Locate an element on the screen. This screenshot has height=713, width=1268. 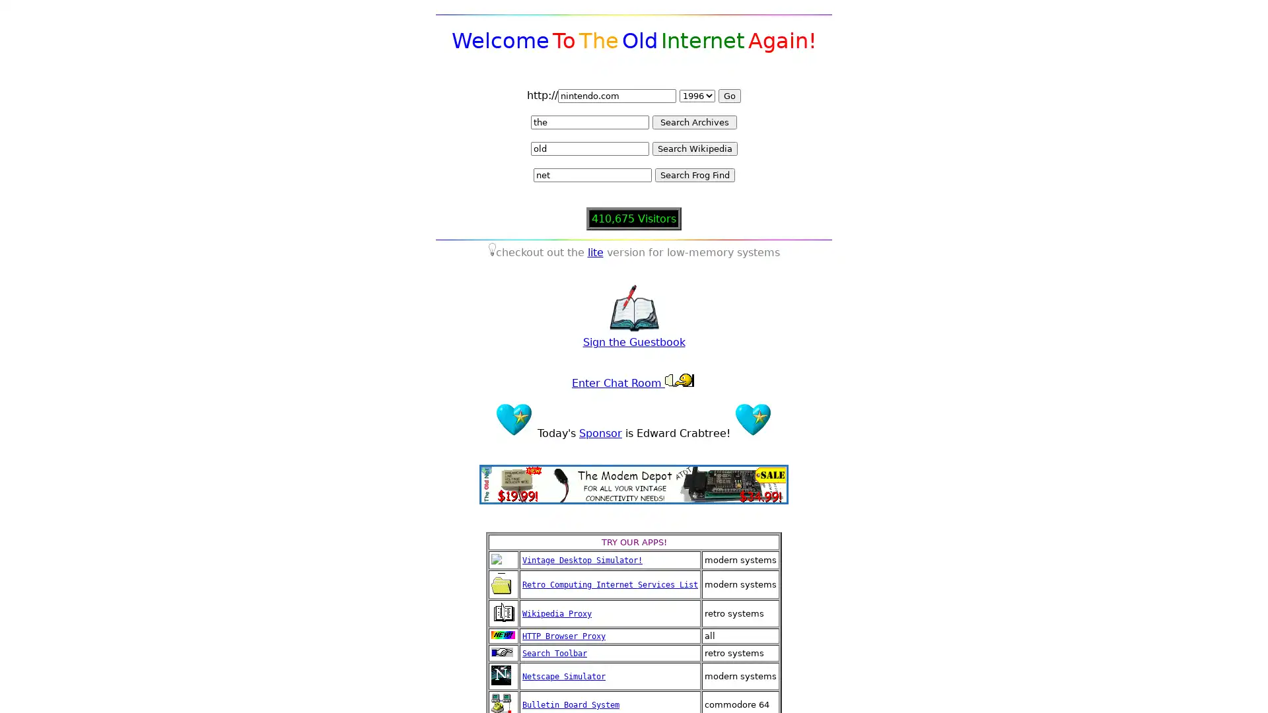
Search Frog Find is located at coordinates (693, 174).